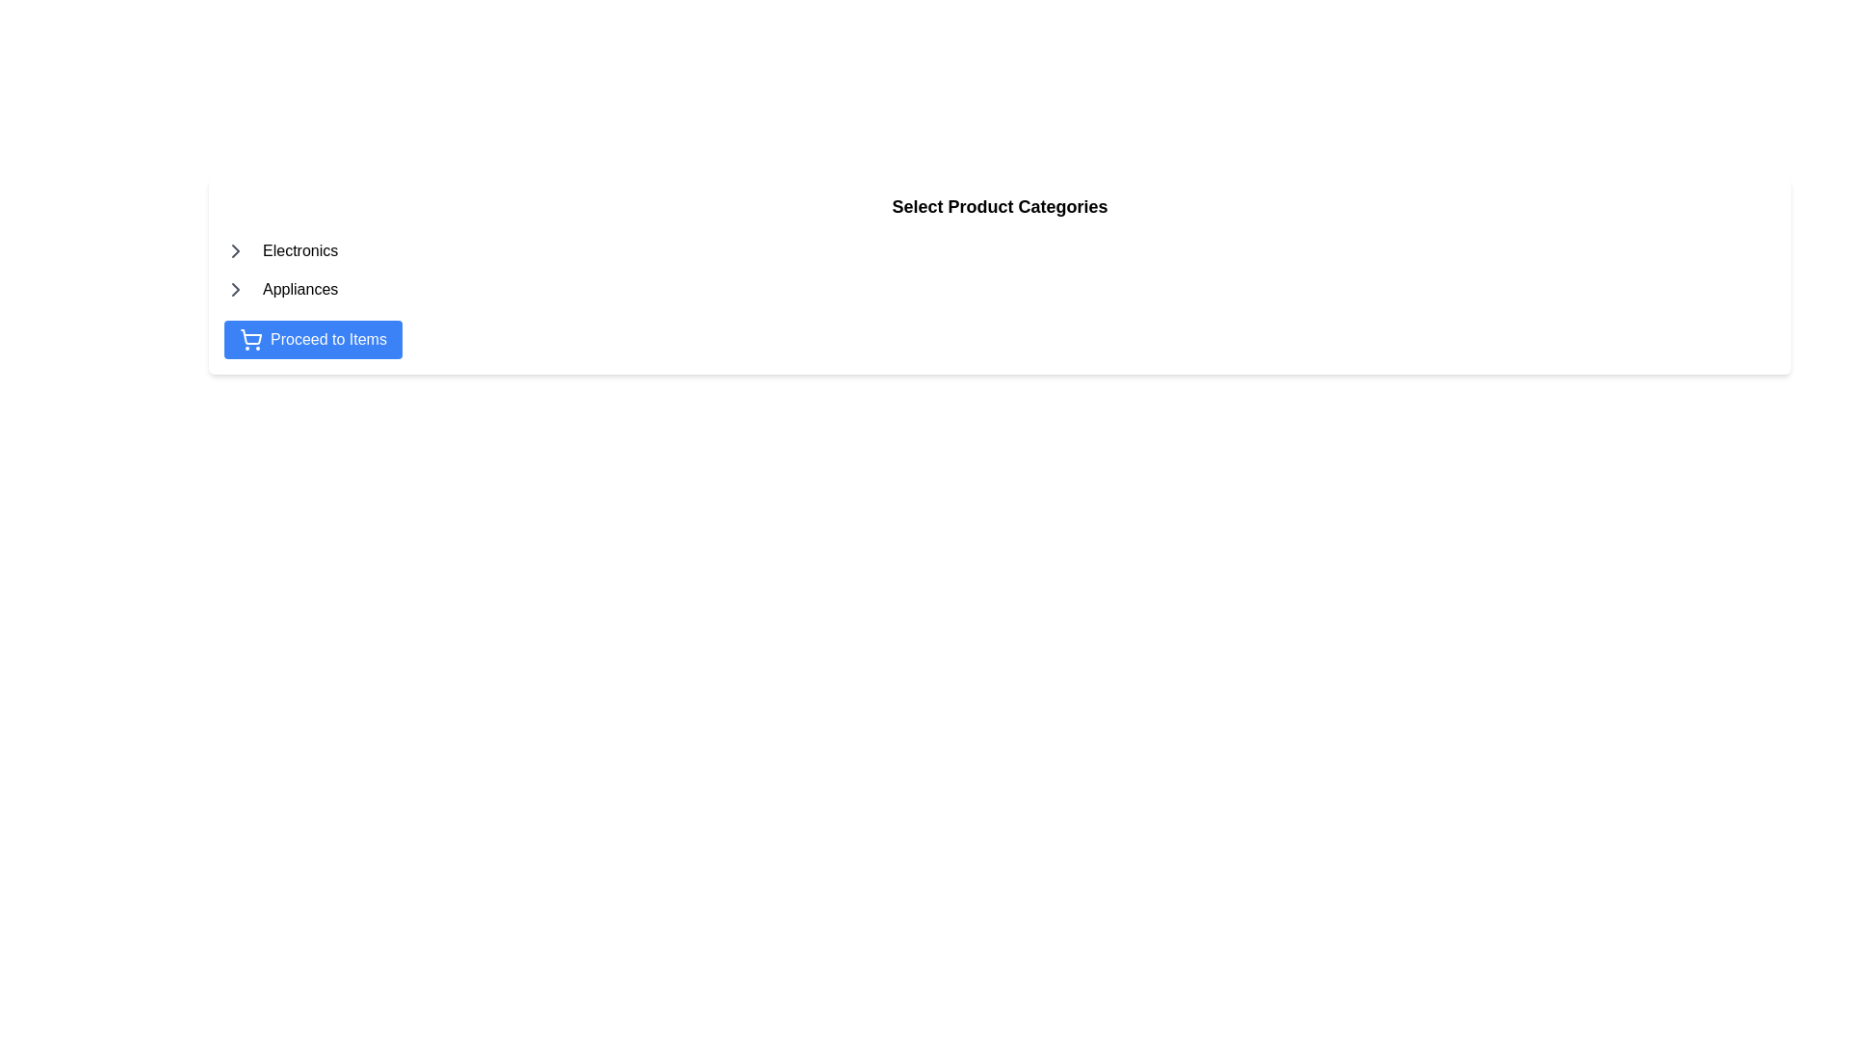 This screenshot has width=1849, height=1040. What do you see at coordinates (1000, 207) in the screenshot?
I see `text of the Label or Header that serves as a title for the section guiding the user about product categories` at bounding box center [1000, 207].